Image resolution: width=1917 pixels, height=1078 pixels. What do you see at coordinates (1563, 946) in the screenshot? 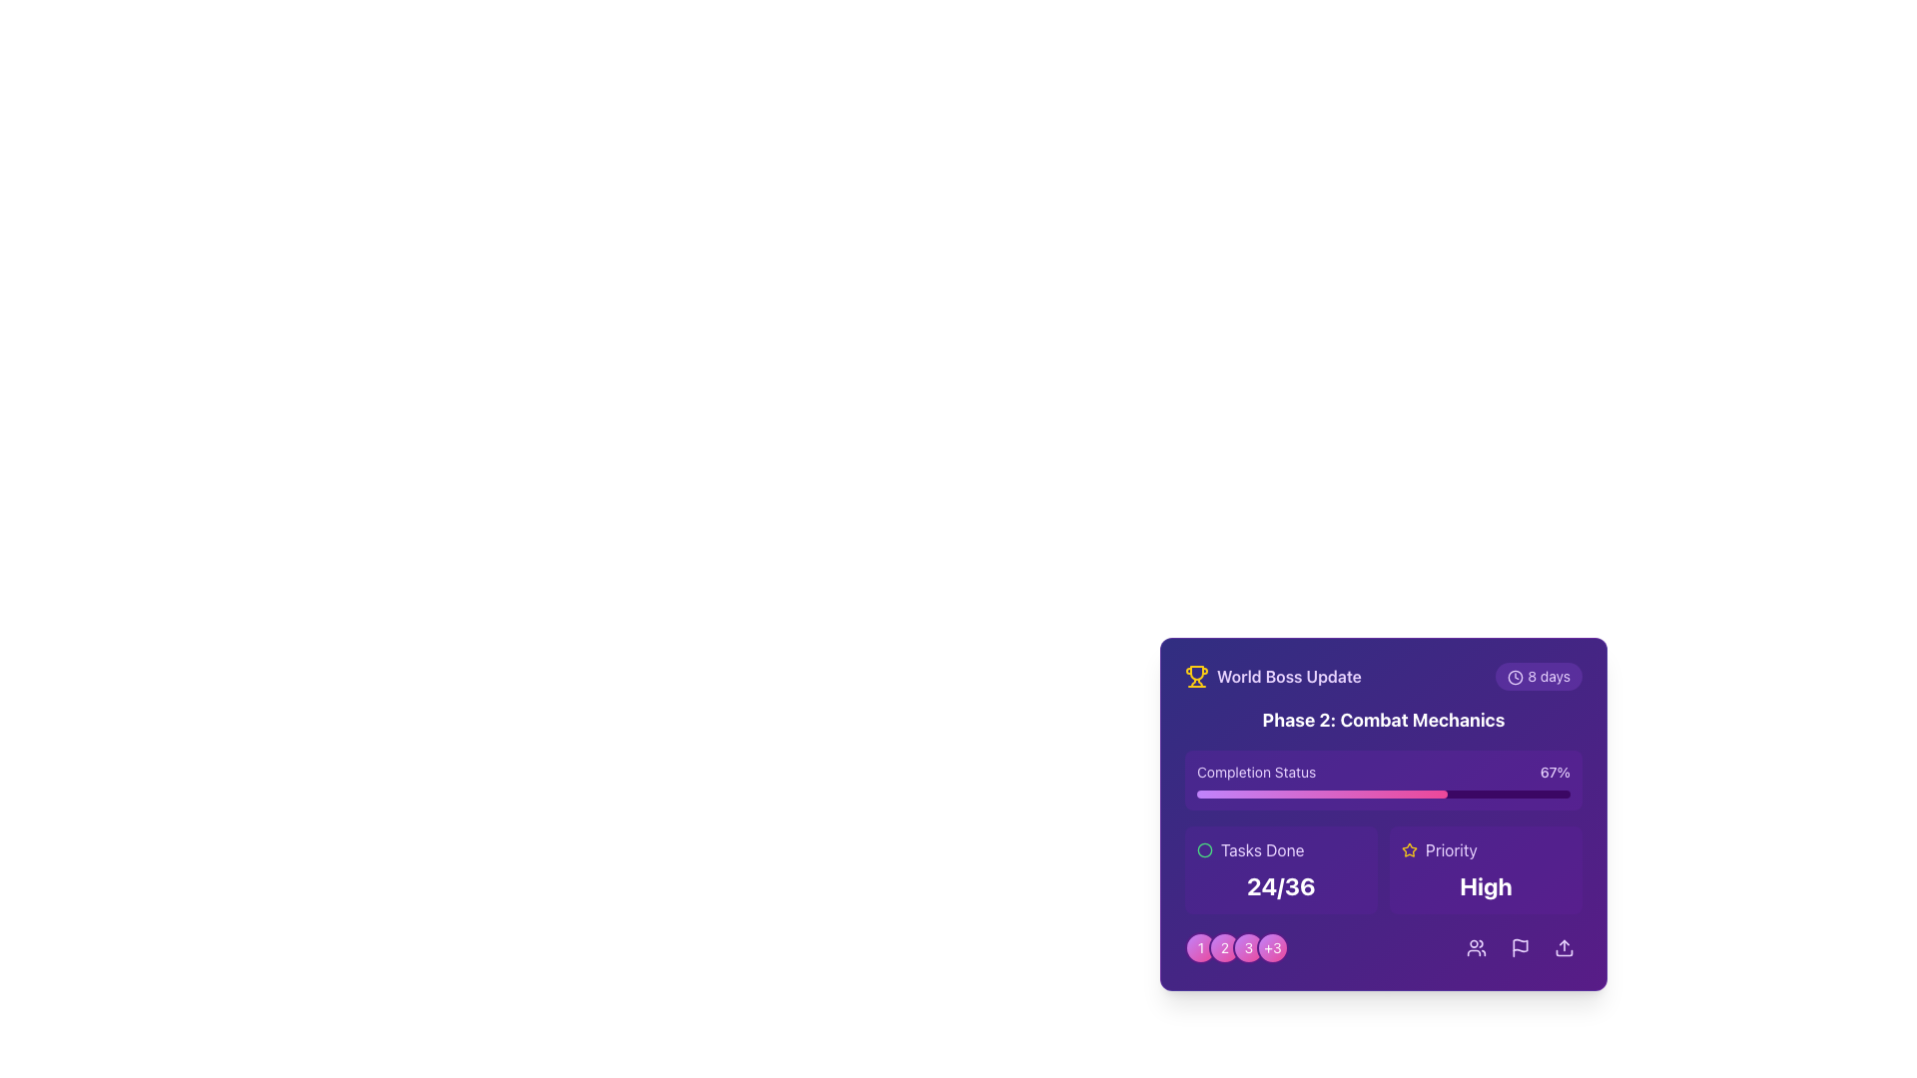
I see `the upward arrow icon button, which is a minimalistic design in a purple shade` at bounding box center [1563, 946].